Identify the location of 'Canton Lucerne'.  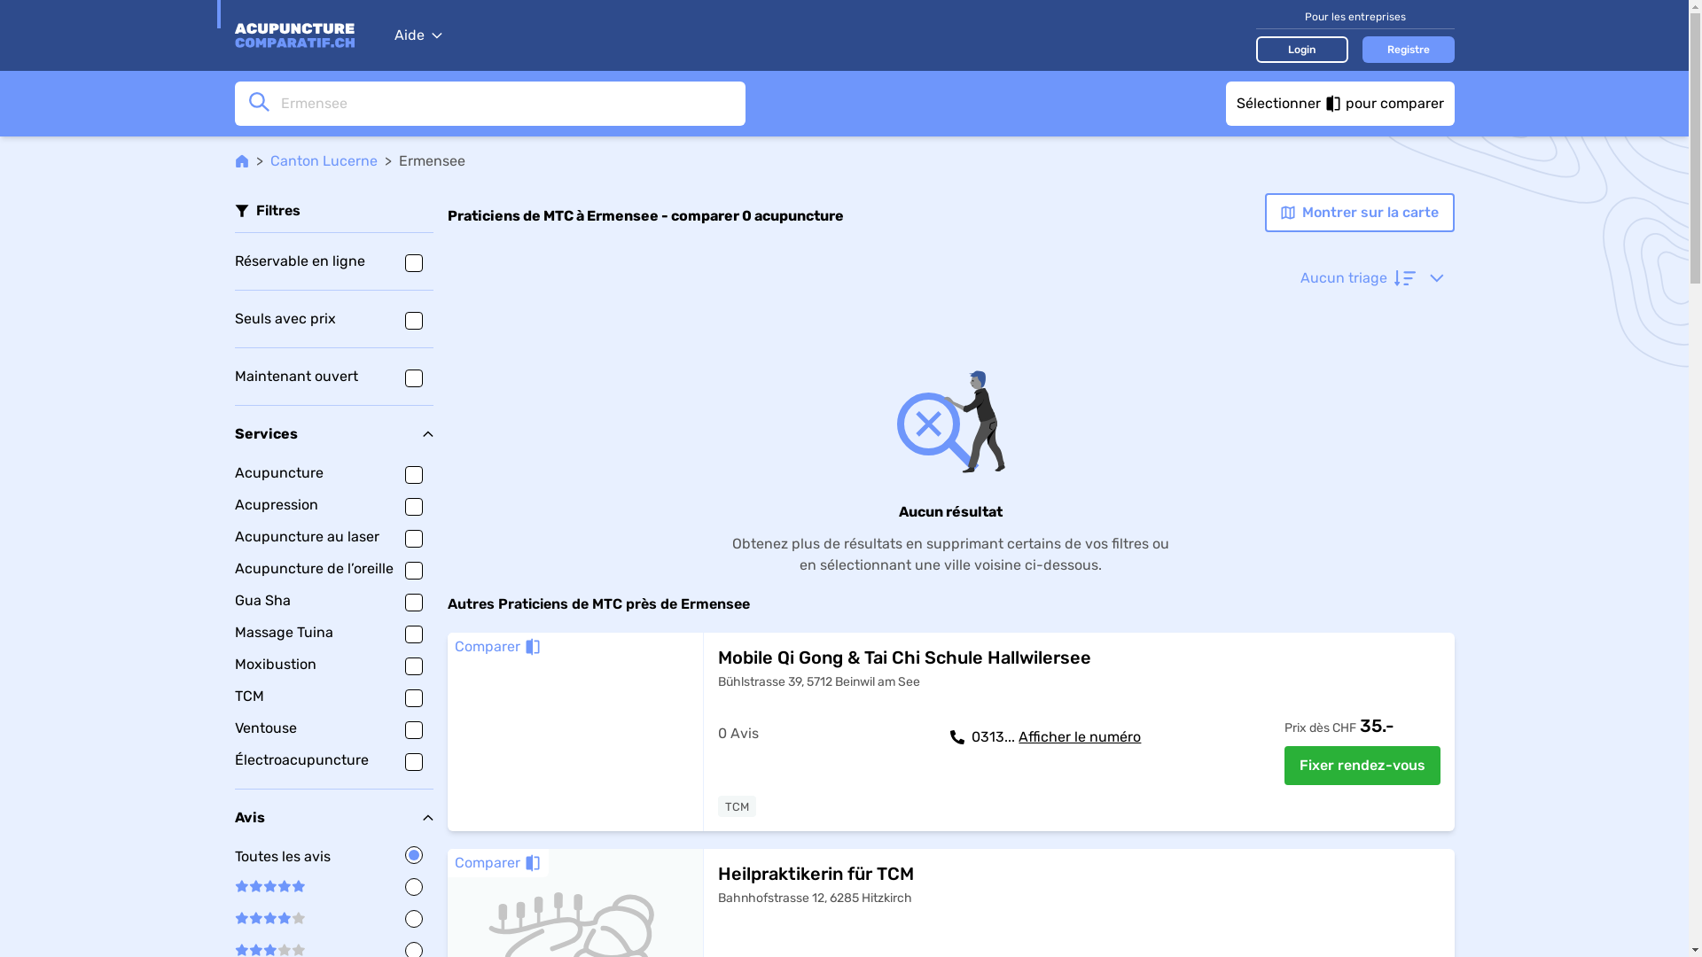
(323, 160).